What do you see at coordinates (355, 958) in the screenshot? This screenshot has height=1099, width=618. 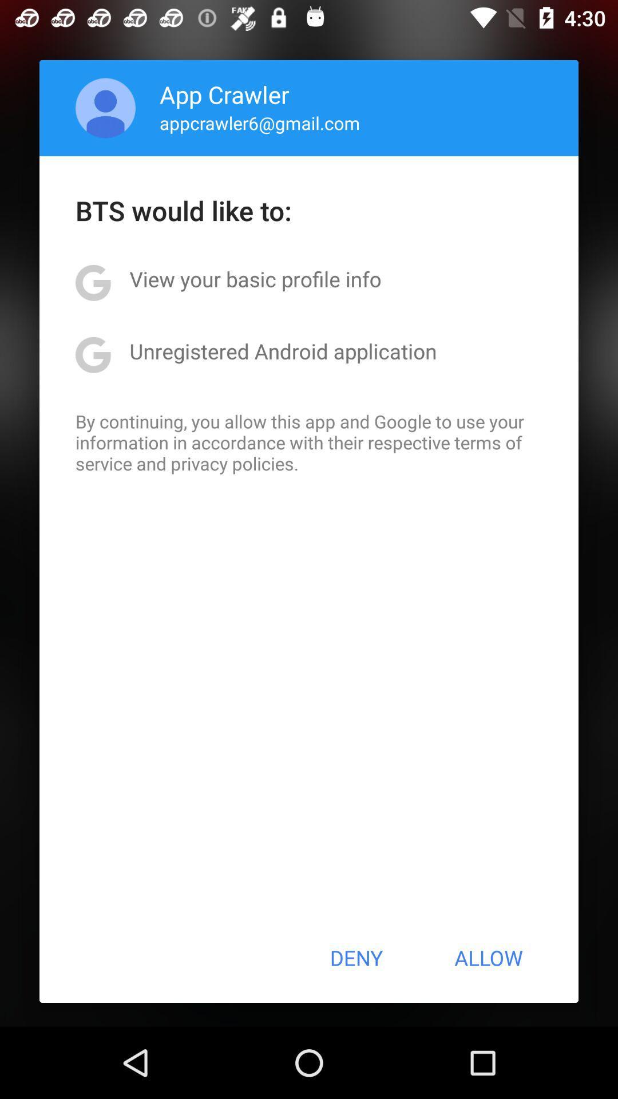 I see `icon to the left of allow item` at bounding box center [355, 958].